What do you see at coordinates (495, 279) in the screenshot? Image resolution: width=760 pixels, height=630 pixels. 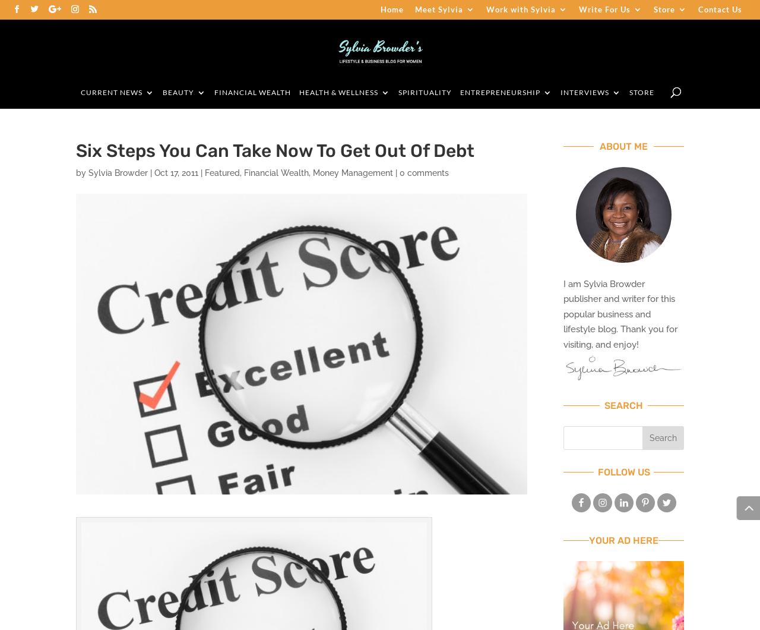 I see `'Leadership'` at bounding box center [495, 279].